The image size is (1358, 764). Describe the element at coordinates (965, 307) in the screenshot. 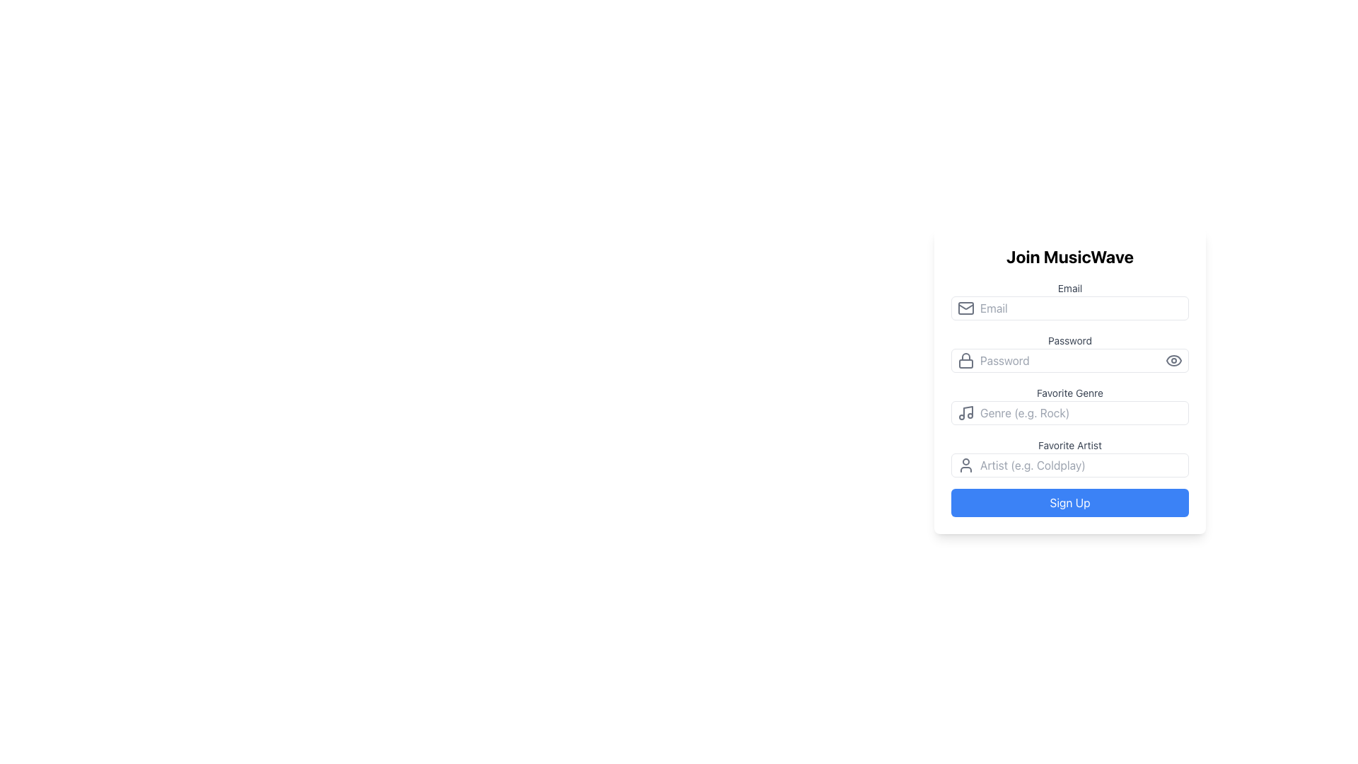

I see `the main body of the envelope in the email icon, which is the leftmost graphic aligned to the 'Email' text field` at that location.